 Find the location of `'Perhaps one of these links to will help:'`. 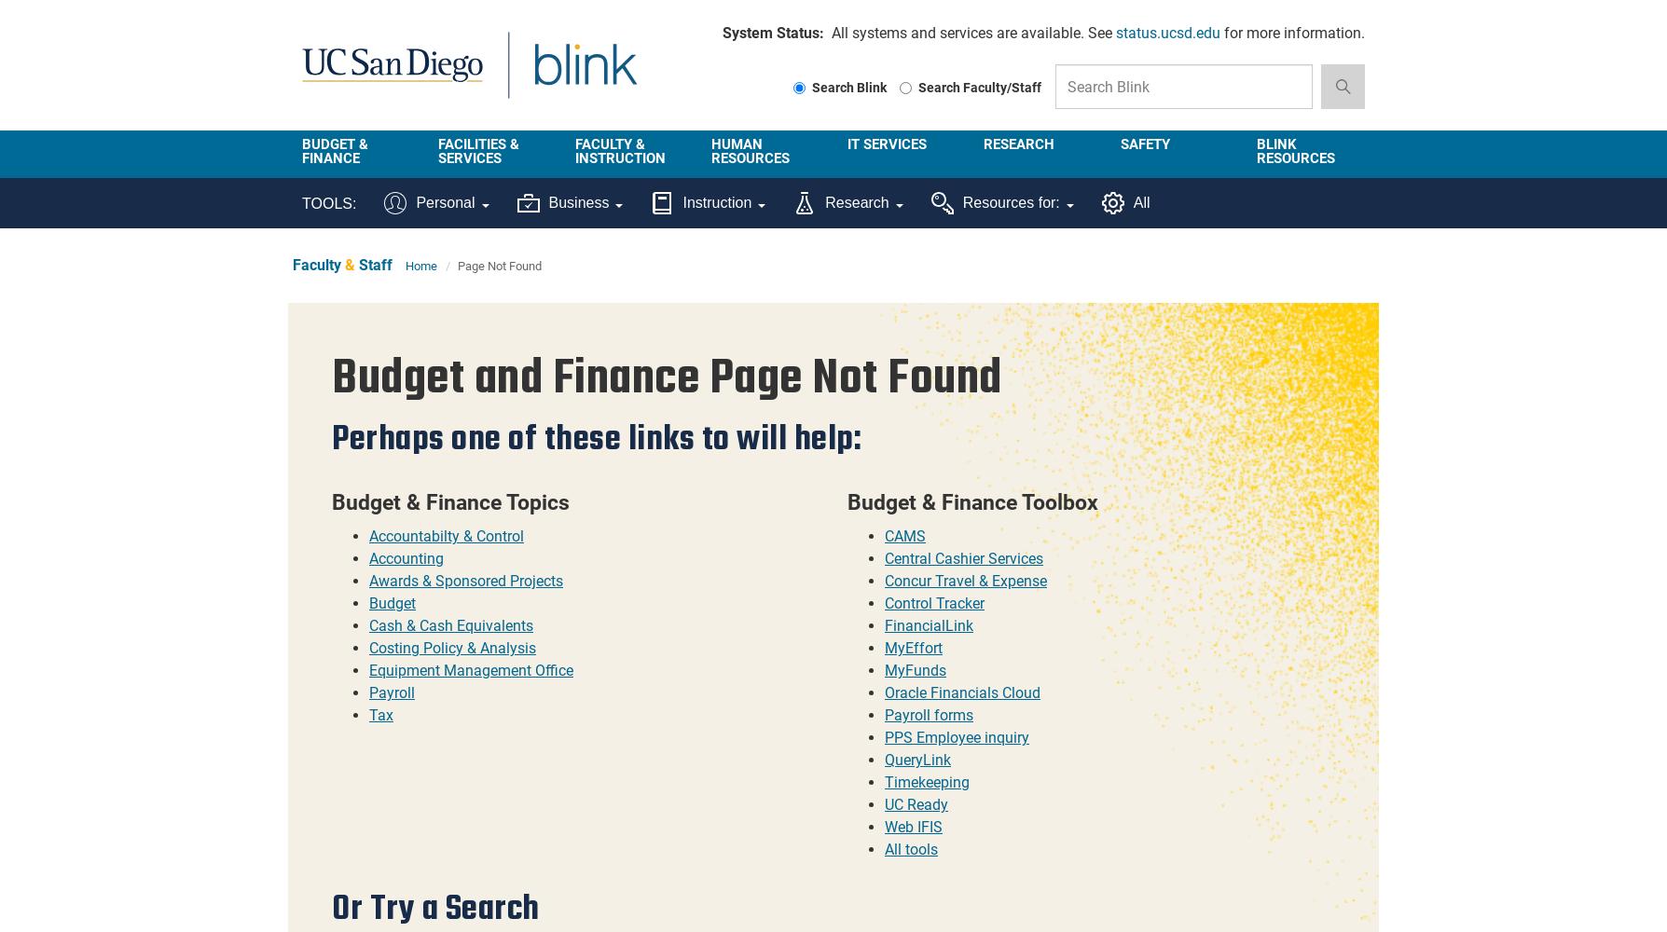

'Perhaps one of these links to will help:' is located at coordinates (596, 437).